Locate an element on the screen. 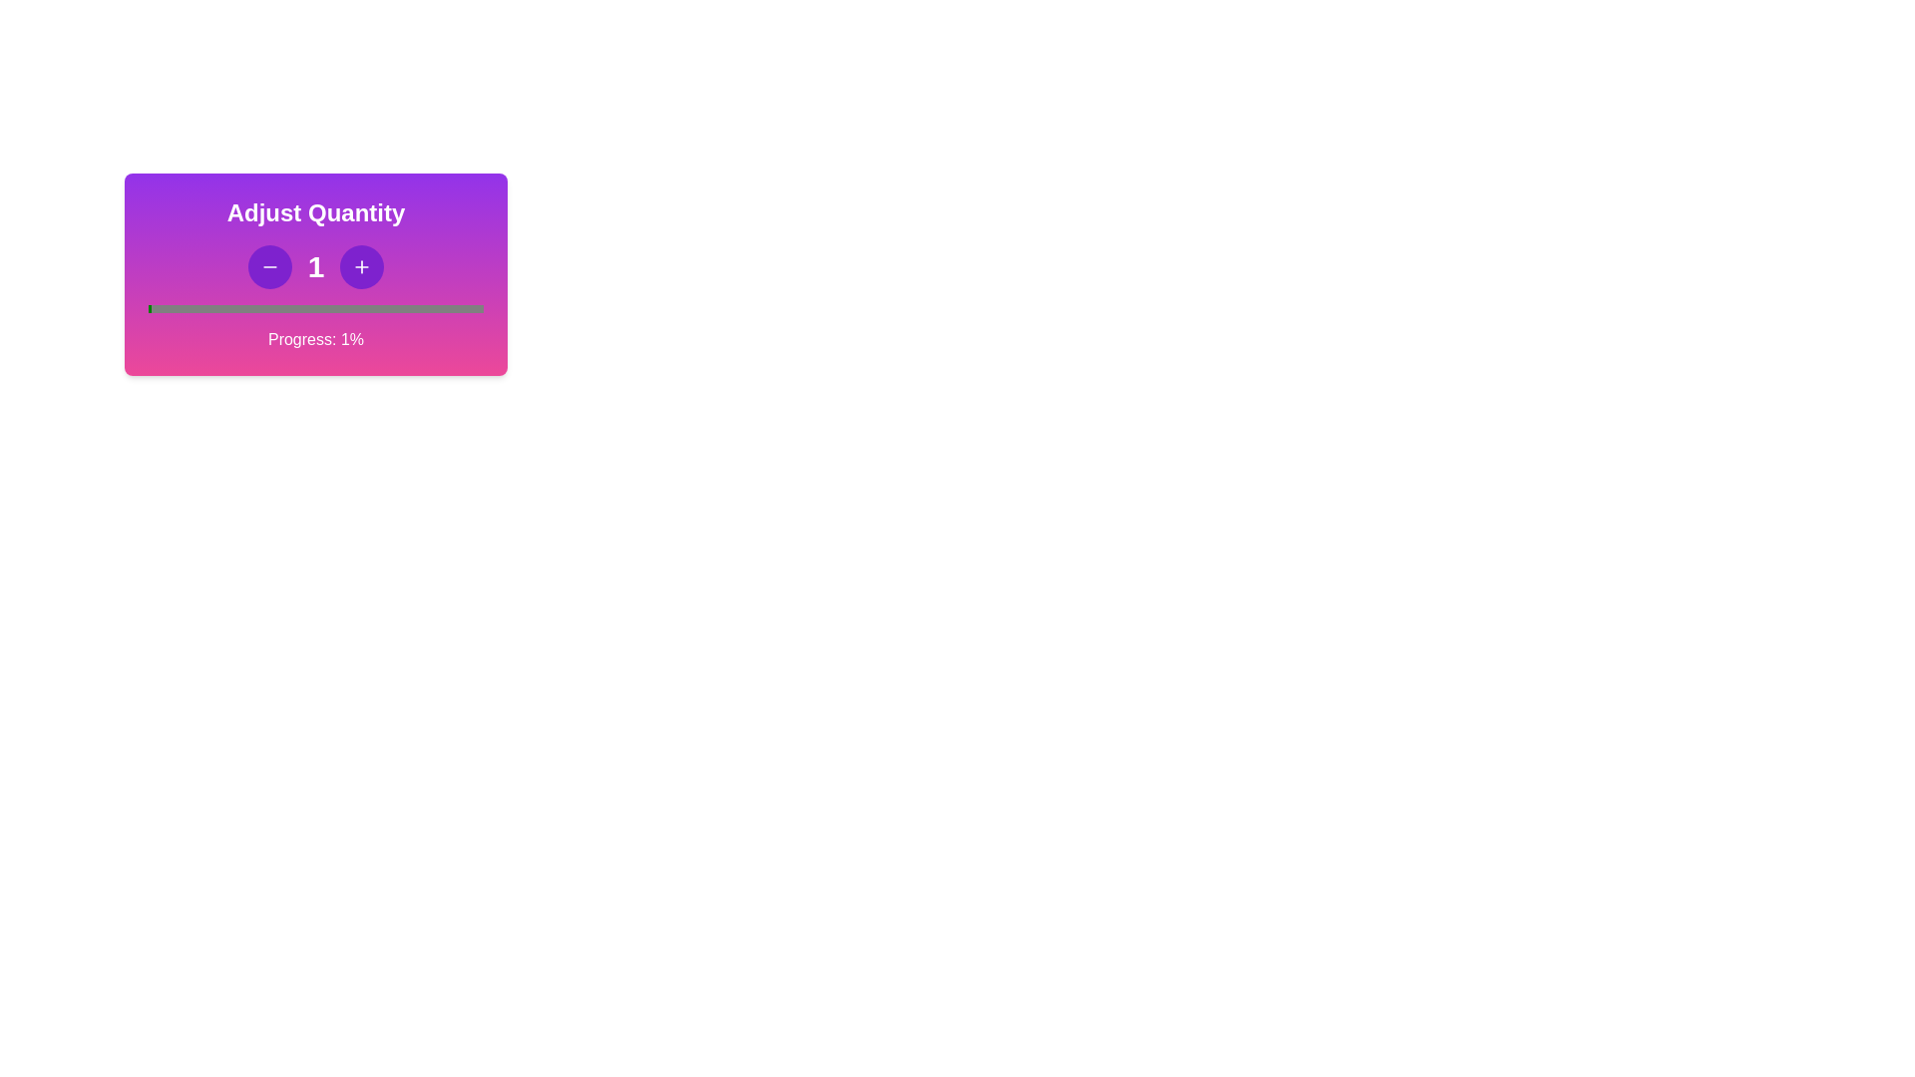  the current quantity value display text located in the 'Adjust Quantity' card, which is centered between the minus and plus buttons is located at coordinates (314, 265).